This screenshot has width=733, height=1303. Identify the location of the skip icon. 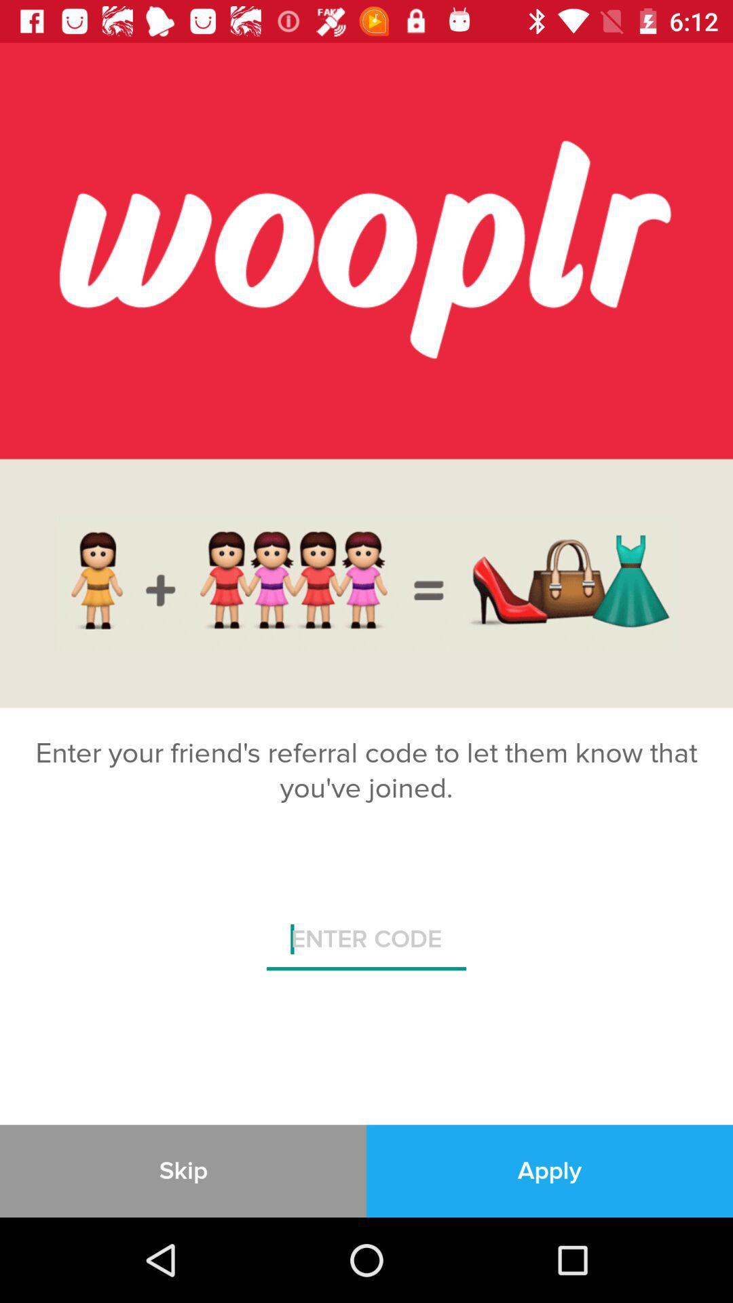
(183, 1170).